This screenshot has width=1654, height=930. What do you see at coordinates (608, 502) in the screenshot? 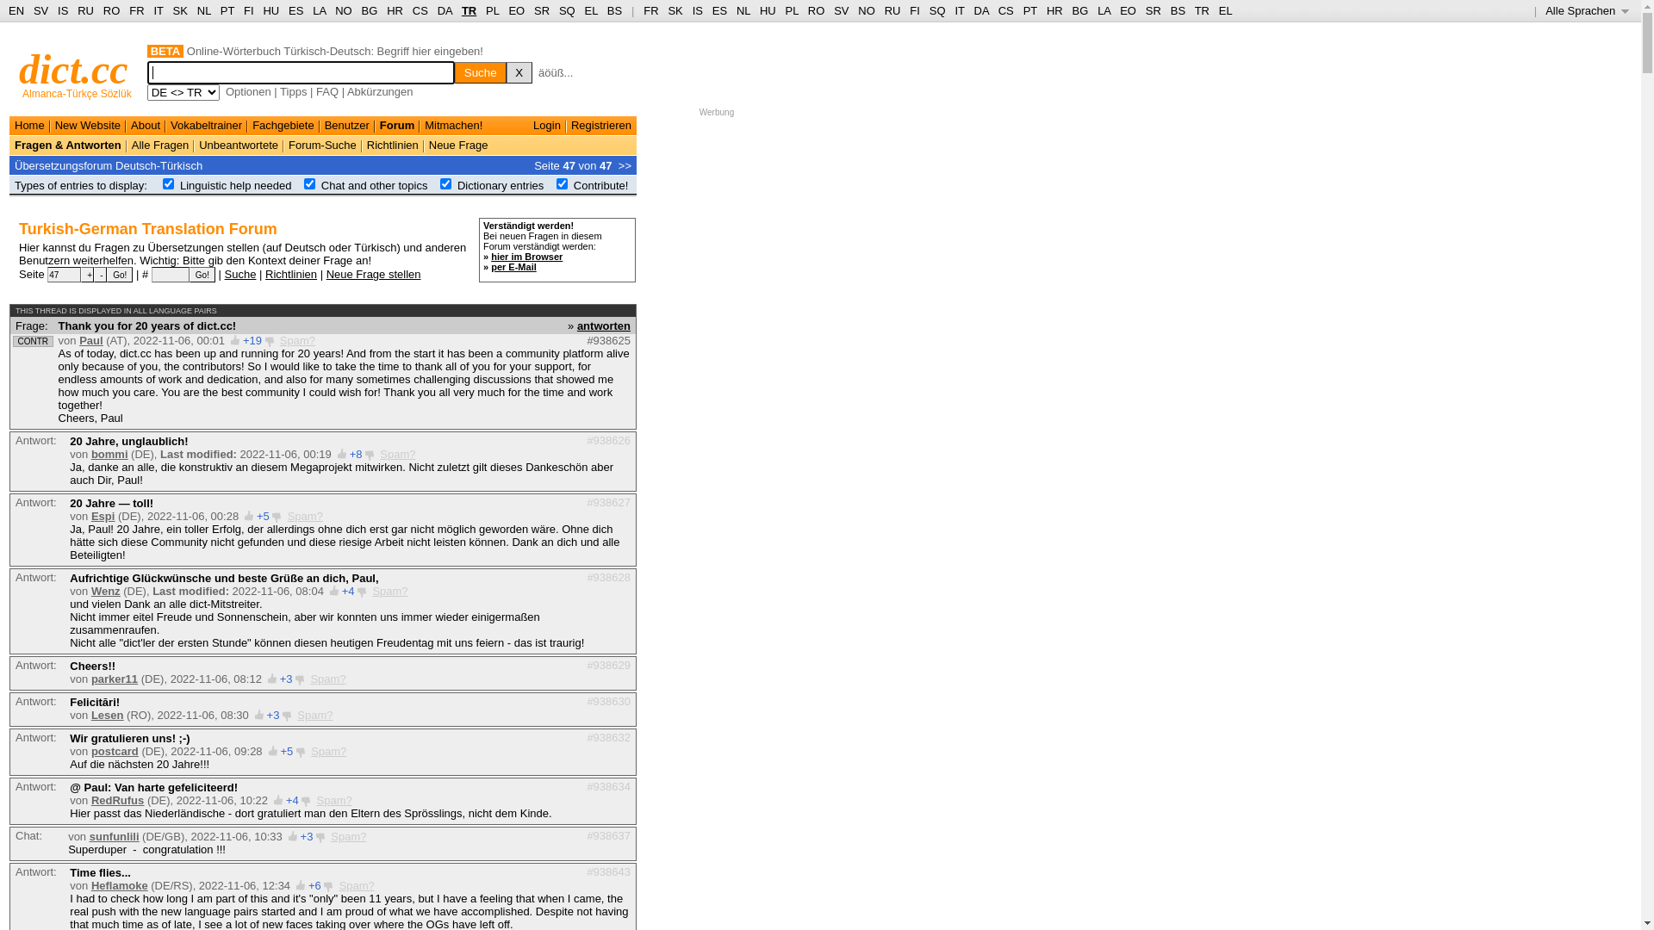
I see `'#938627'` at bounding box center [608, 502].